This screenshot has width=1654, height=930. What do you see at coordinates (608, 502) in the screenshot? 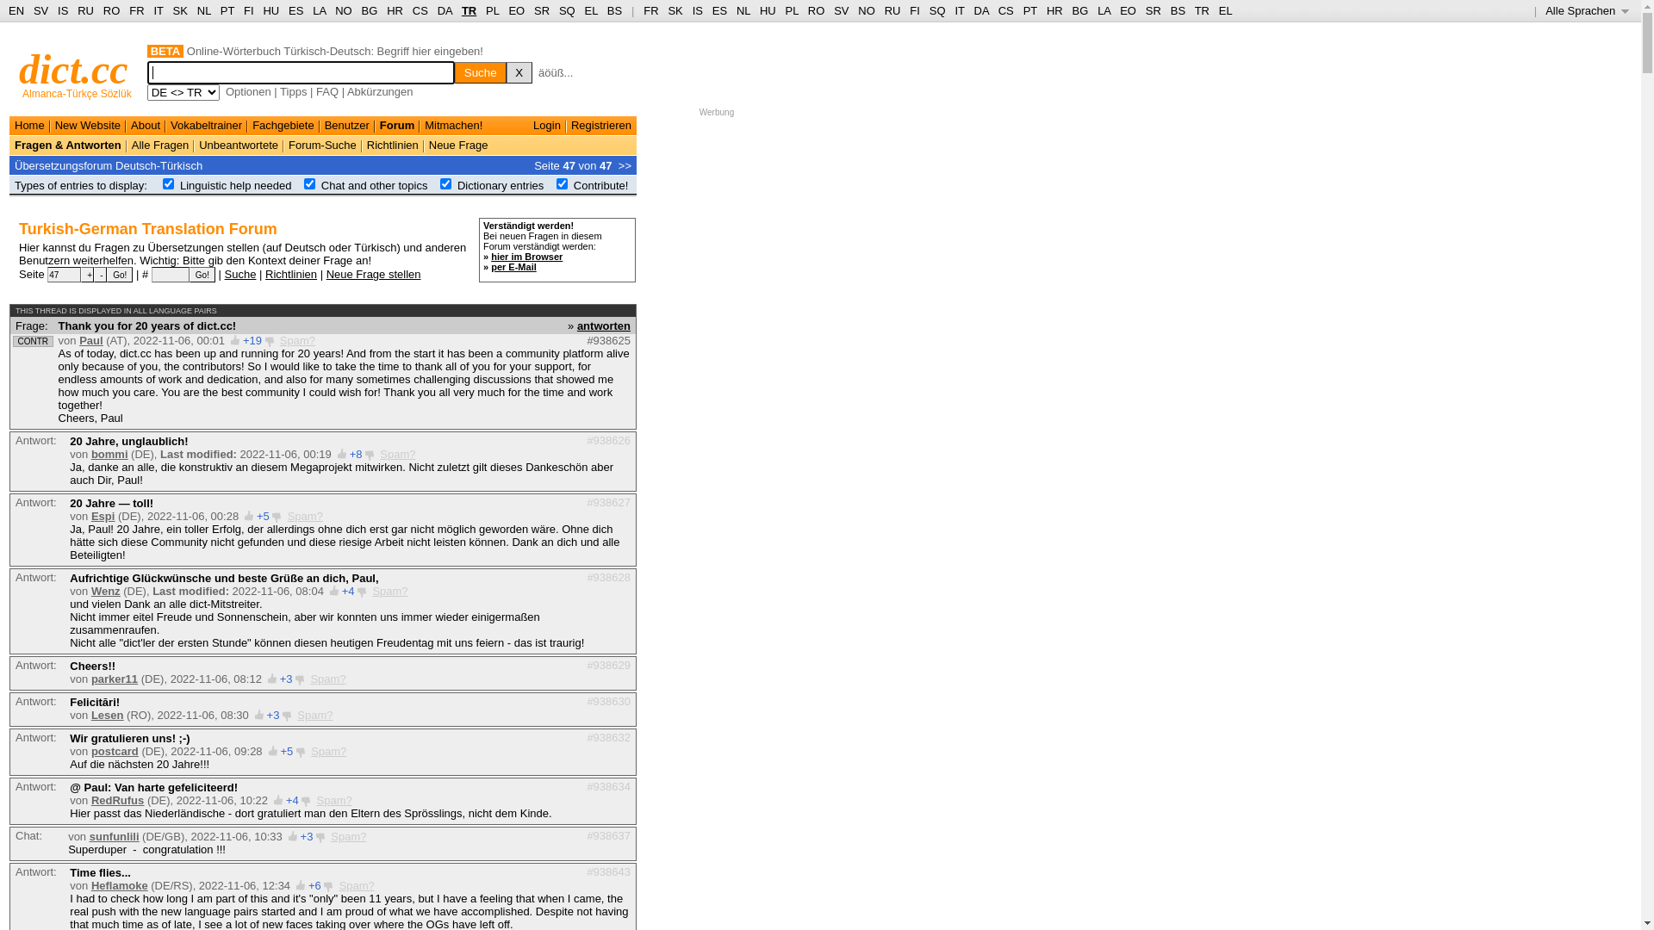
I see `'#938627'` at bounding box center [608, 502].